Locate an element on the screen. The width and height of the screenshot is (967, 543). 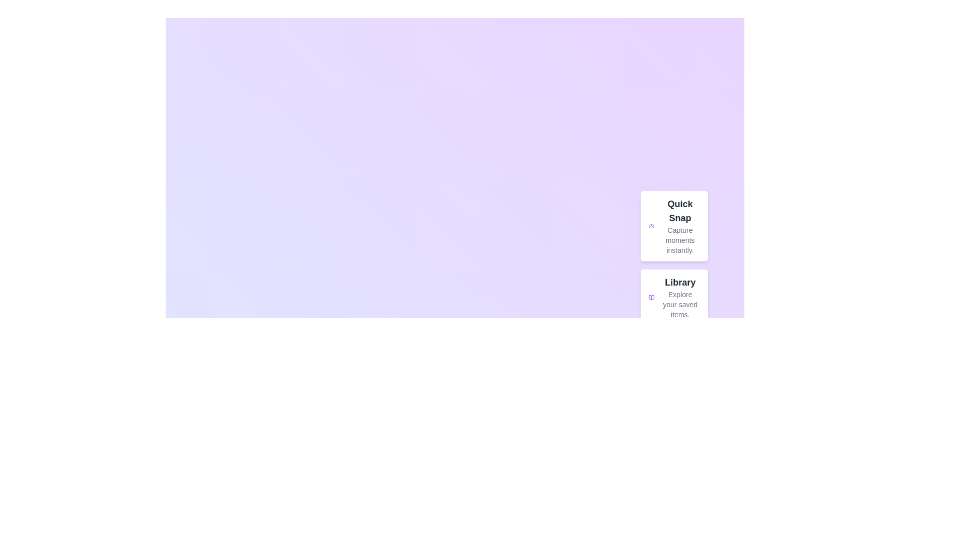
the 'Quick Snap' button to activate the functionality is located at coordinates (674, 226).